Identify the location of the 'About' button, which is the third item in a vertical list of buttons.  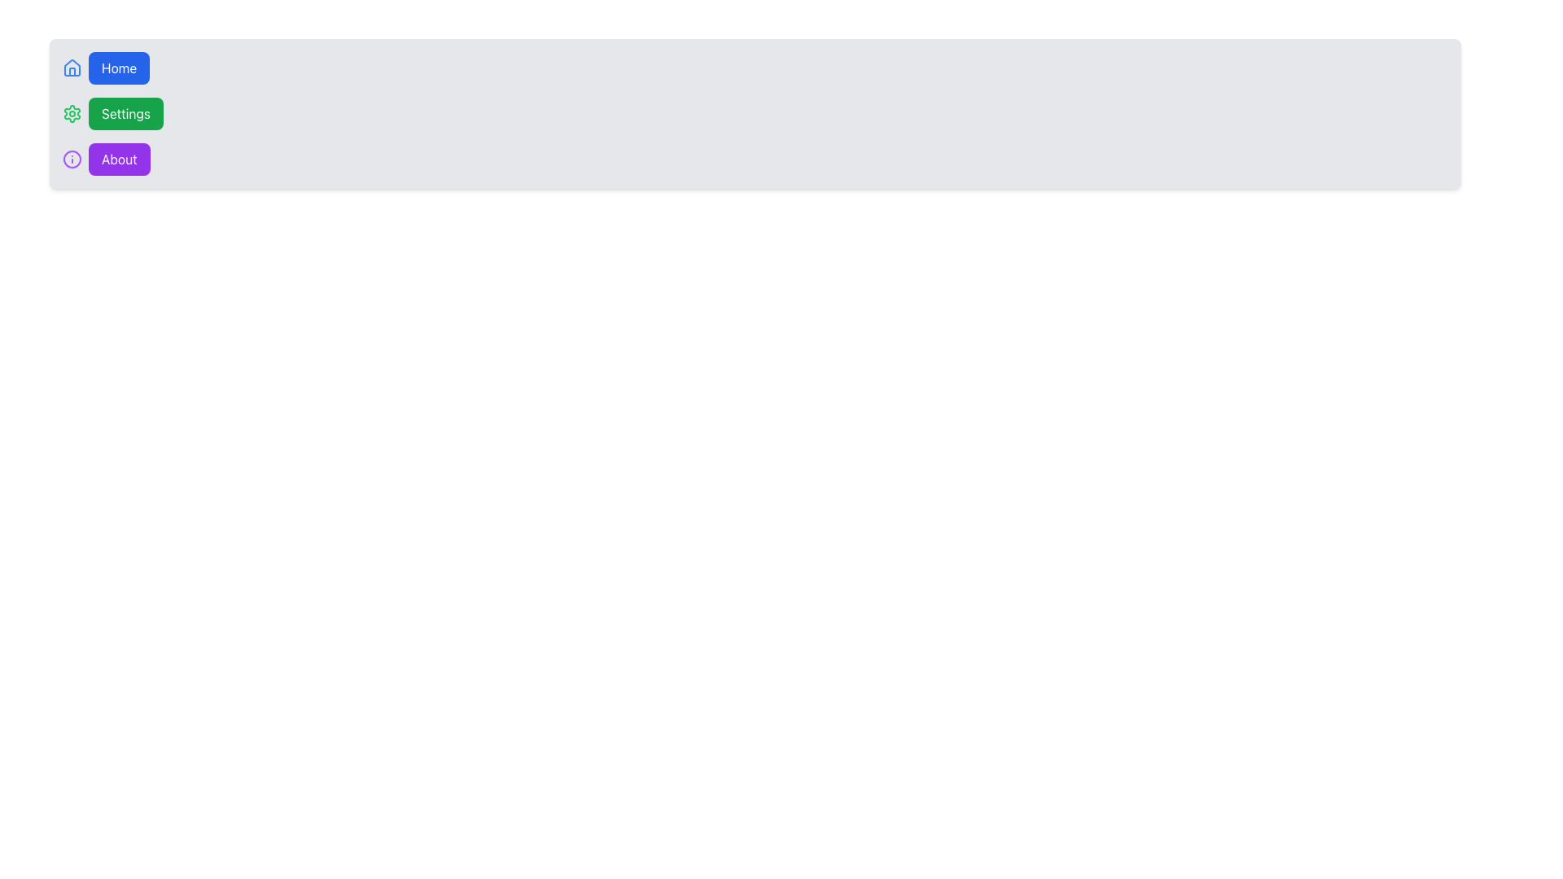
(105, 160).